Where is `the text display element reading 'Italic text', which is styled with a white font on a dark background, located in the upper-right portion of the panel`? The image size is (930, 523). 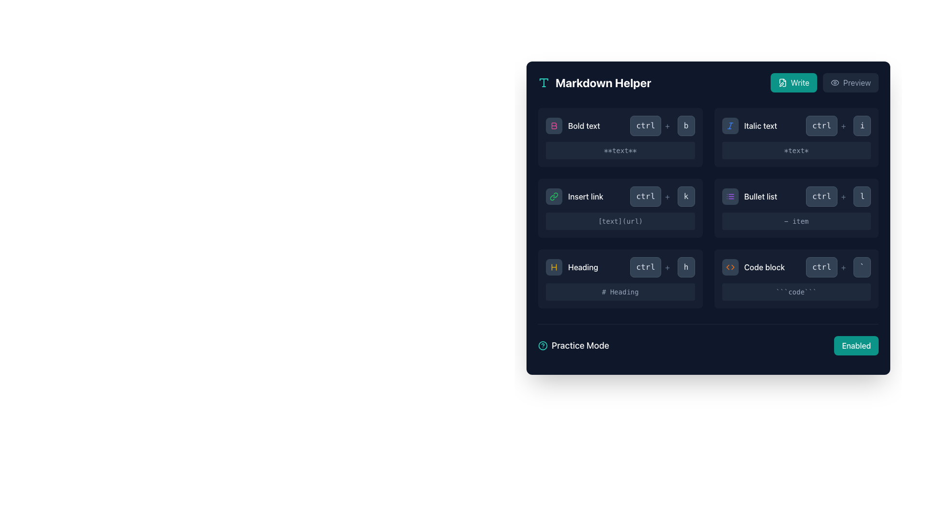
the text display element reading 'Italic text', which is styled with a white font on a dark background, located in the upper-right portion of the panel is located at coordinates (760, 125).